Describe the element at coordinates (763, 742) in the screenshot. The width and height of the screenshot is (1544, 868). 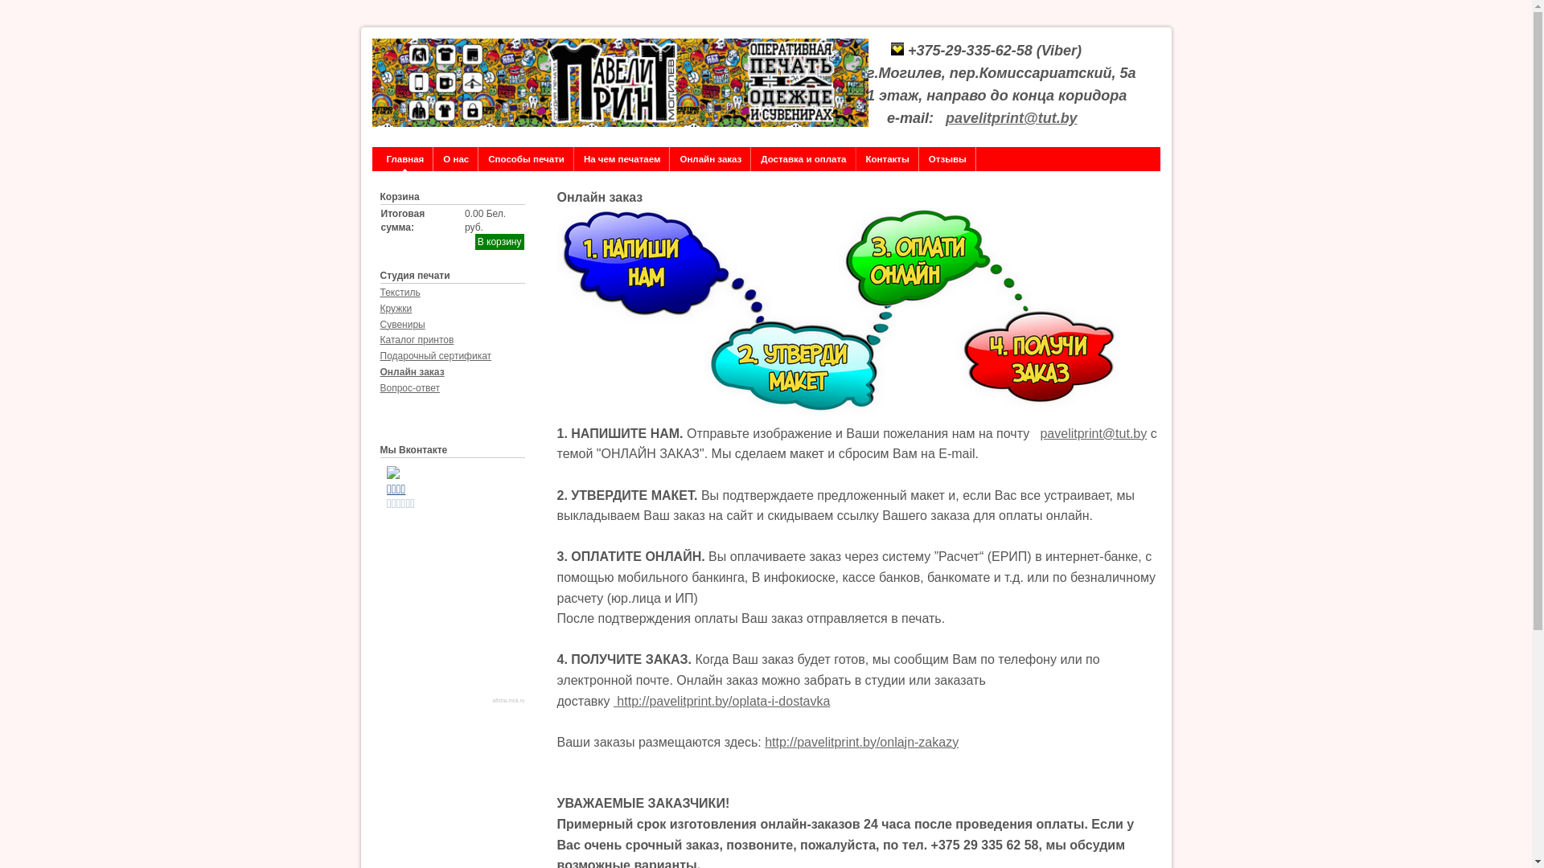
I see `'http://pavelitprint.by/onlajn-zakazy'` at that location.